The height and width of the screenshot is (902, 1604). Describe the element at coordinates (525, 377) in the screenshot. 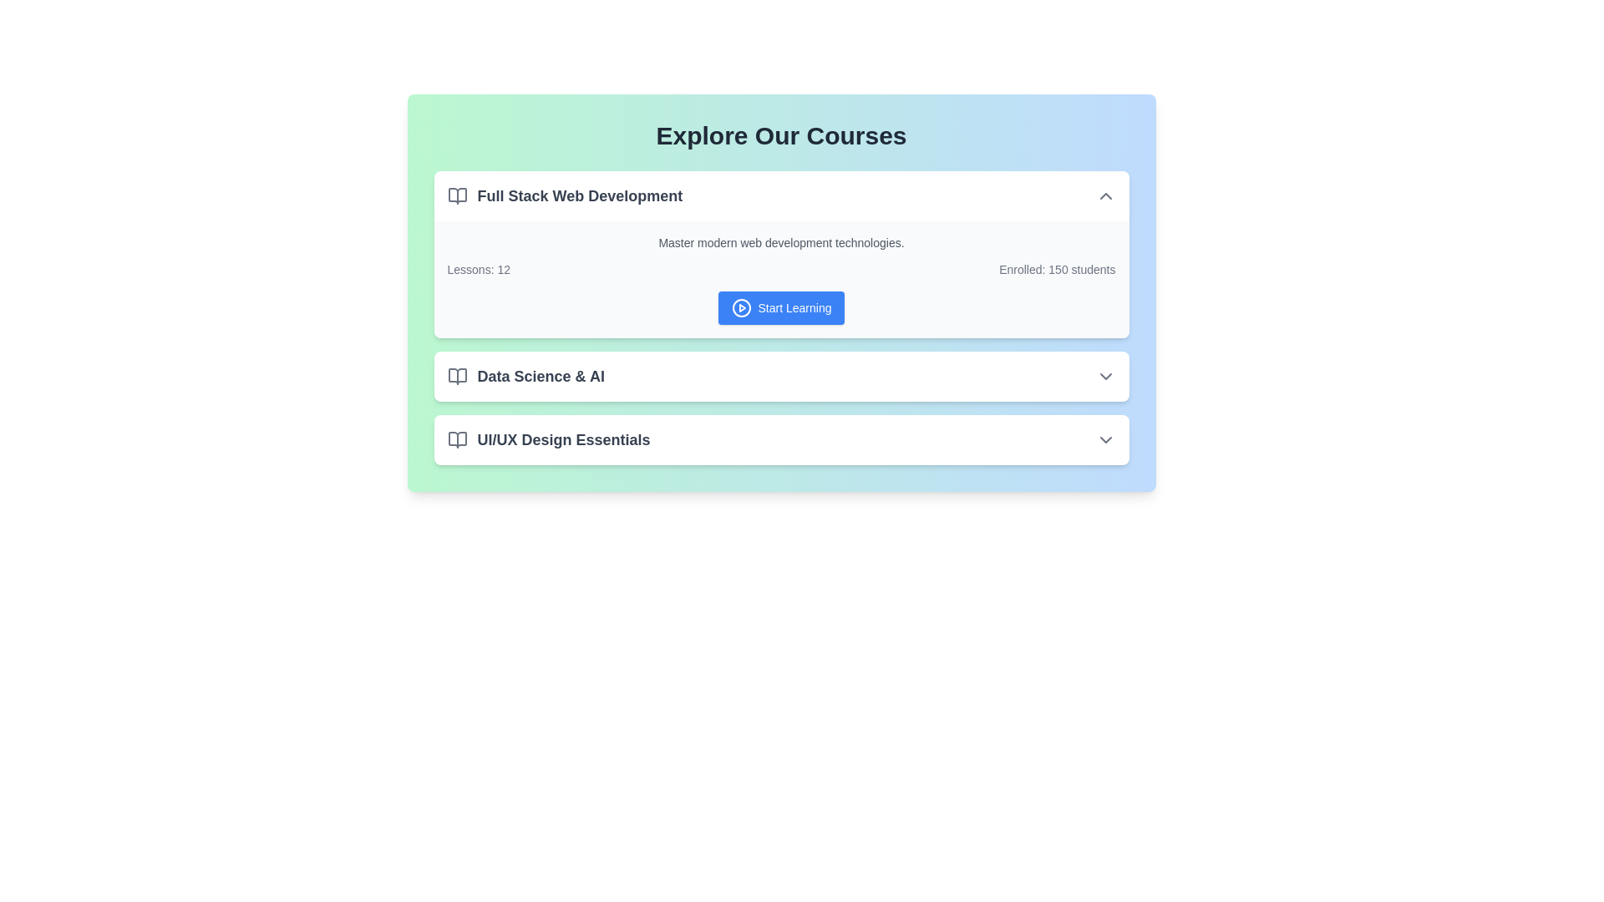

I see `the 'Data Science & AI' label with an open book icon` at that location.